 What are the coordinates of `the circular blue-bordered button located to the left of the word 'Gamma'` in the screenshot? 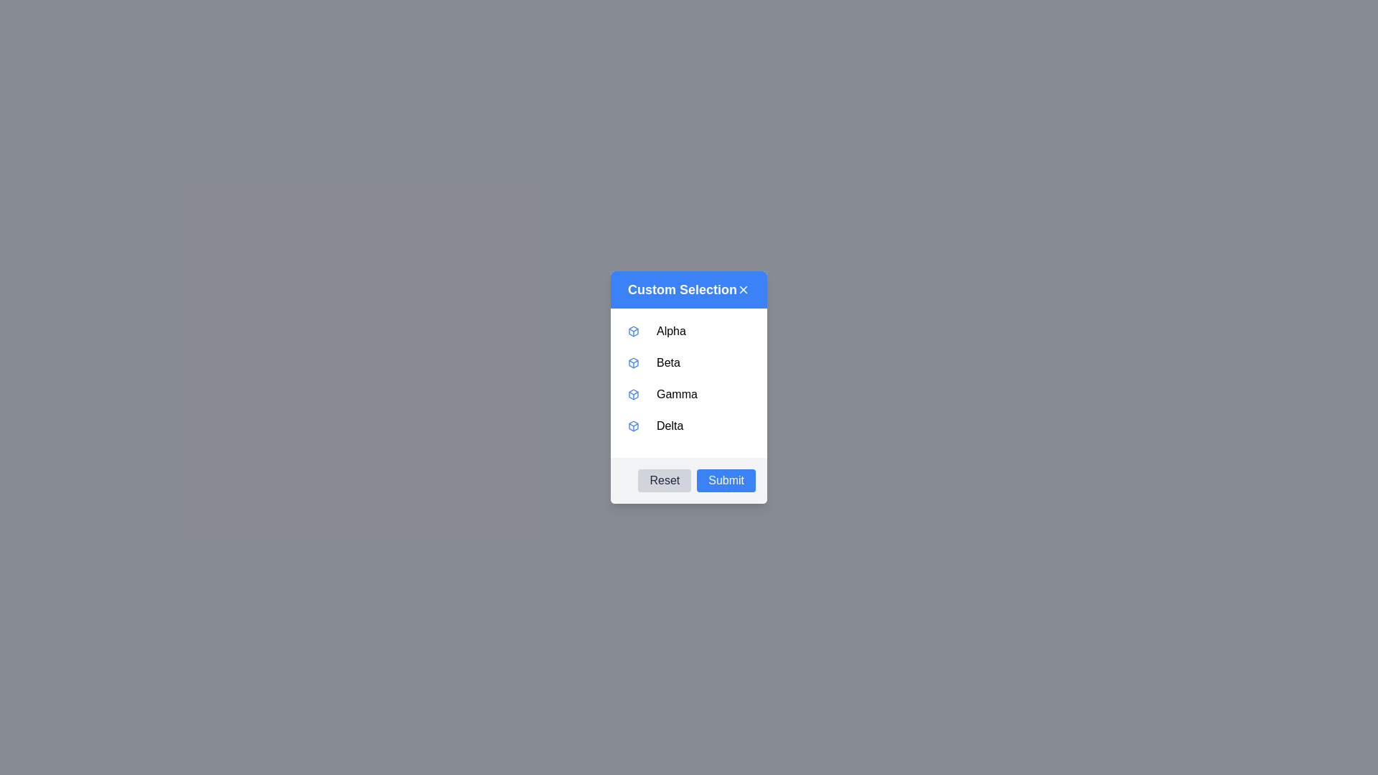 It's located at (689, 382).